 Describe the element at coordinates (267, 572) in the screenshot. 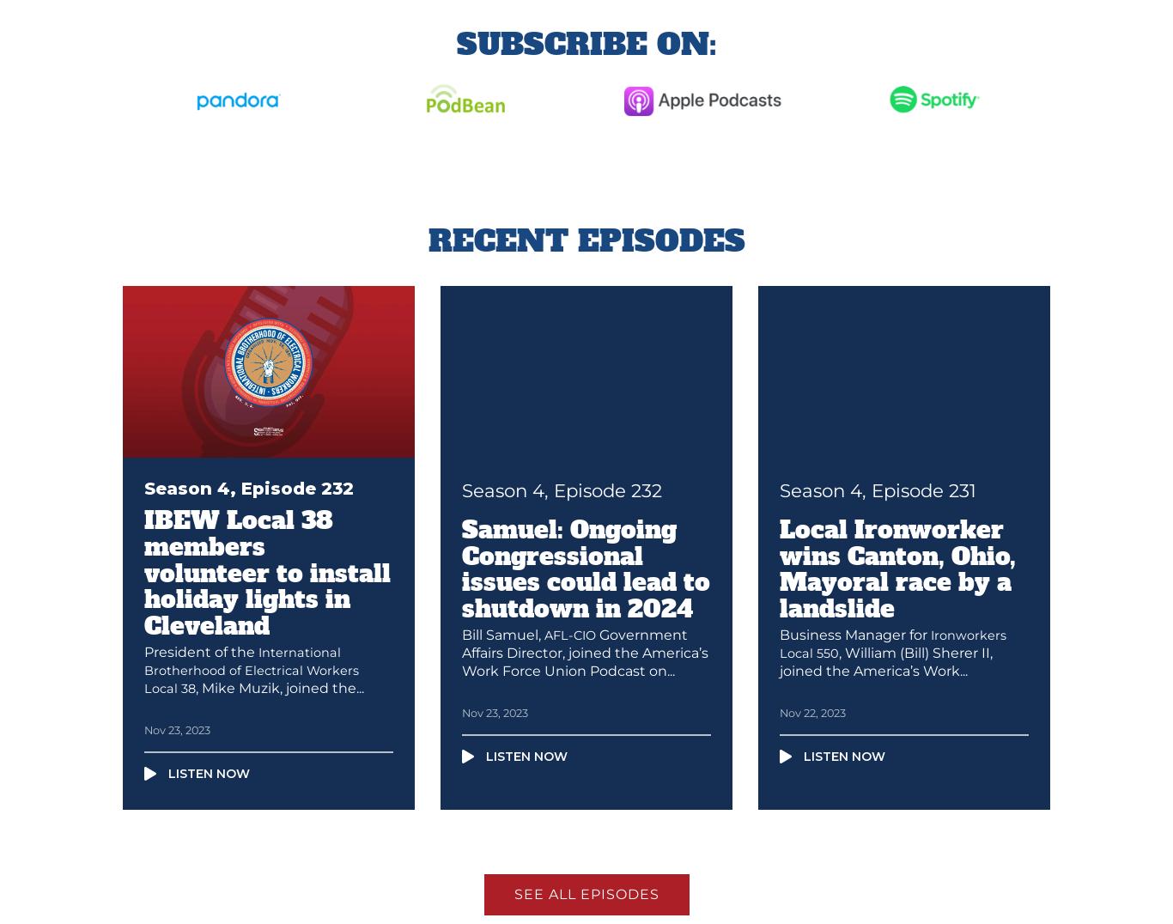

I see `'IBEW Local 38 members volunteer to install holiday lights in Cleveland'` at that location.